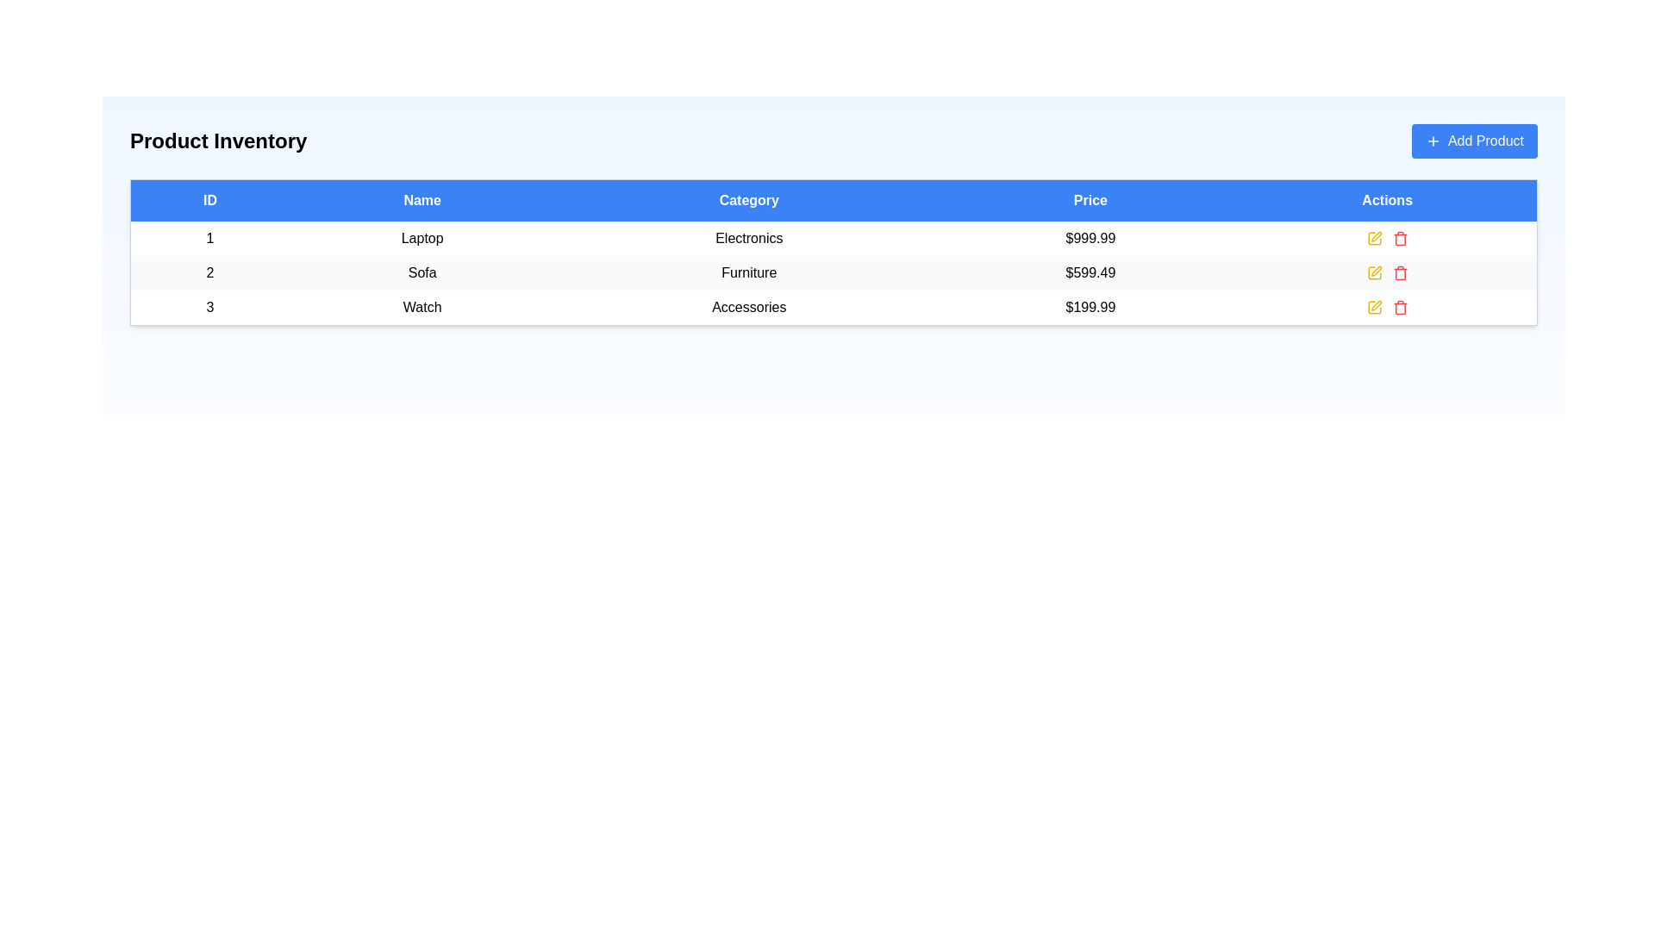 Image resolution: width=1655 pixels, height=931 pixels. I want to click on the trash can icon button, which is the second icon in the action column of the second row within the table, so click(1400, 272).